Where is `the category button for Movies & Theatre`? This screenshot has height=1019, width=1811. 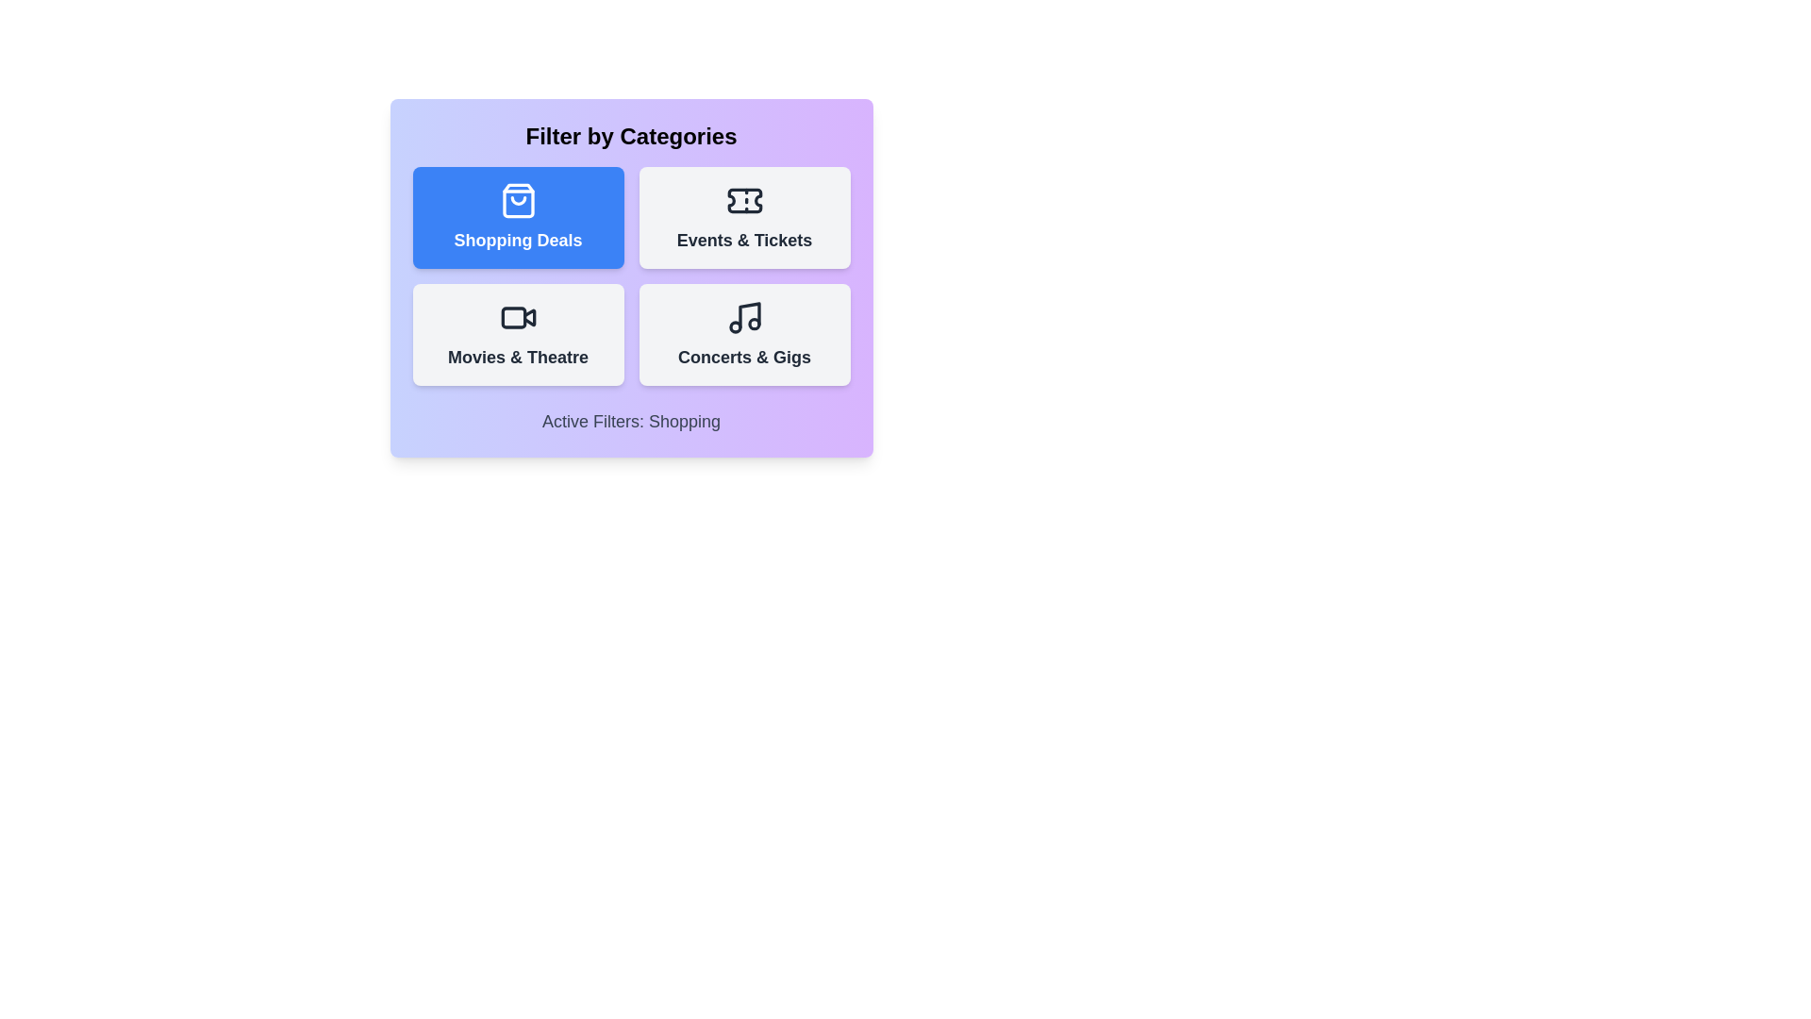 the category button for Movies & Theatre is located at coordinates (518, 333).